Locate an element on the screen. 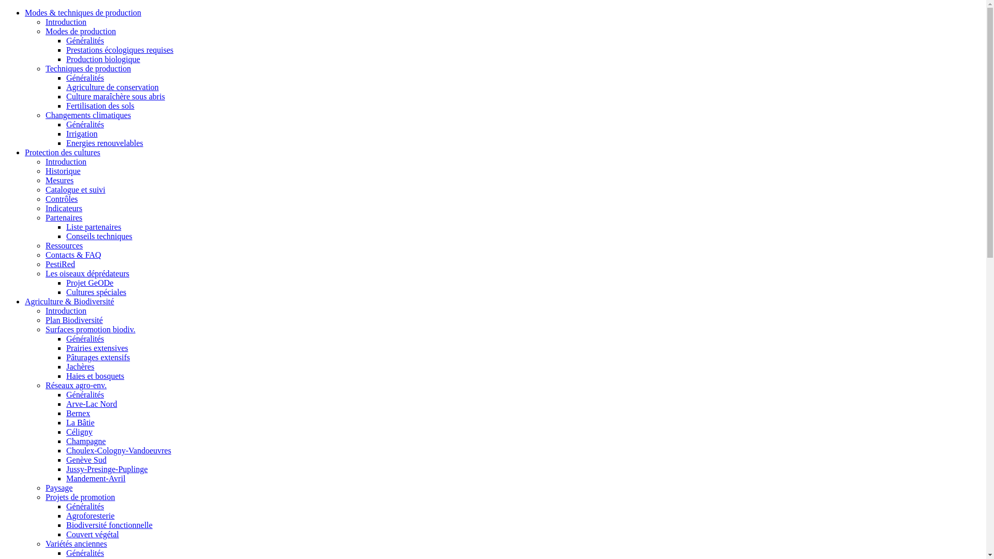 The width and height of the screenshot is (994, 559). 'PestiRed' is located at coordinates (60, 263).